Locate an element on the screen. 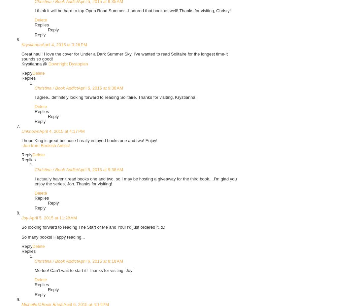 The width and height of the screenshot is (363, 306). 'I agree...definitely looking forward to reading Solitaire. Thanks for visiting, Krystianna!' is located at coordinates (115, 97).